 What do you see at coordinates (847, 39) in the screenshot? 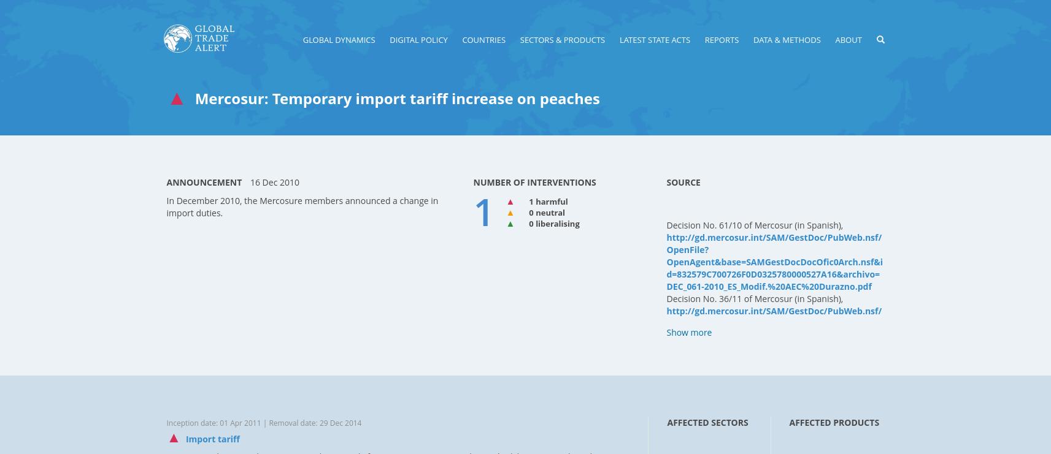
I see `'ABOUT'` at bounding box center [847, 39].